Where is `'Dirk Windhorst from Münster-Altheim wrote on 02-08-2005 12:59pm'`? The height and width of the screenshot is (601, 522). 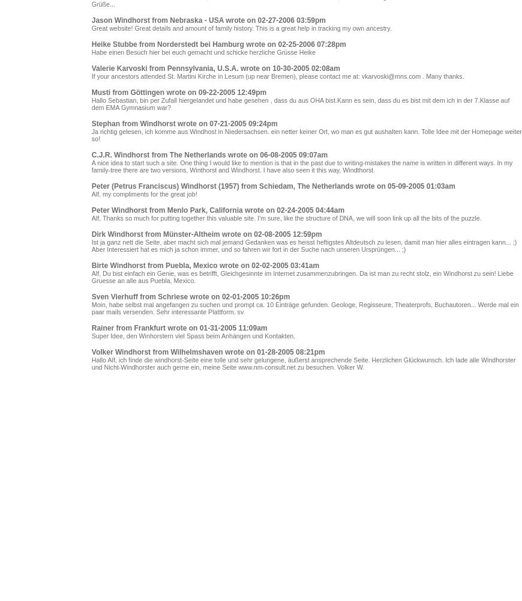
'Dirk Windhorst from Münster-Altheim wrote on 02-08-2005 12:59pm' is located at coordinates (90, 234).